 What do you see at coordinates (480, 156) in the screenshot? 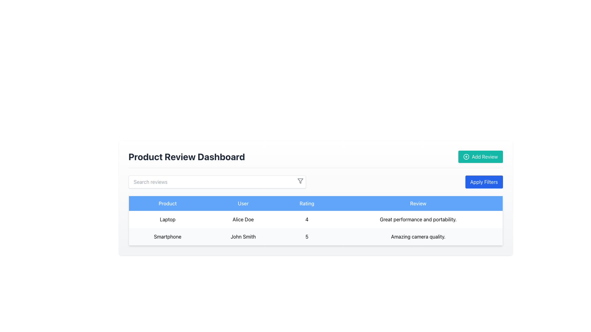
I see `the 'Add Review' button, which is a rectangular button with a teal background and white text, located in the upper-right corner of the 'Product Review Dashboard' header section` at bounding box center [480, 156].